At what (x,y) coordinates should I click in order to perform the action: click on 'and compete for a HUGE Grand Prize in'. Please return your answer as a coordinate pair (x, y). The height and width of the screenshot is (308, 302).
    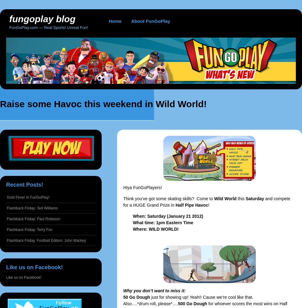
    Looking at the image, I should click on (206, 202).